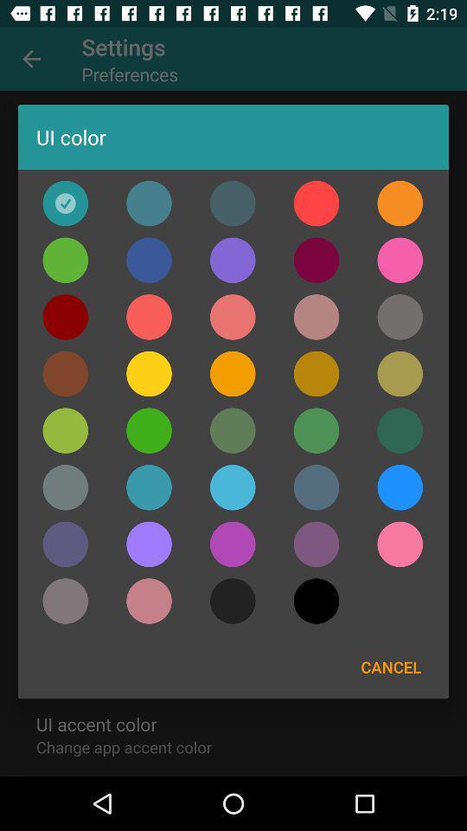 The image size is (467, 831). I want to click on blue, so click(233, 487).